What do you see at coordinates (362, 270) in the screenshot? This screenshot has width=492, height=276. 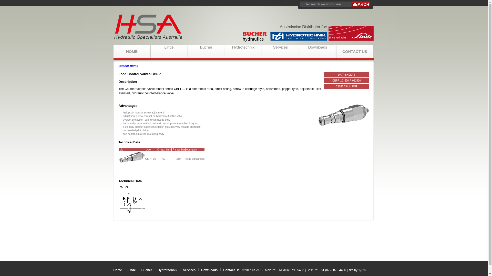 I see `'syren'` at bounding box center [362, 270].